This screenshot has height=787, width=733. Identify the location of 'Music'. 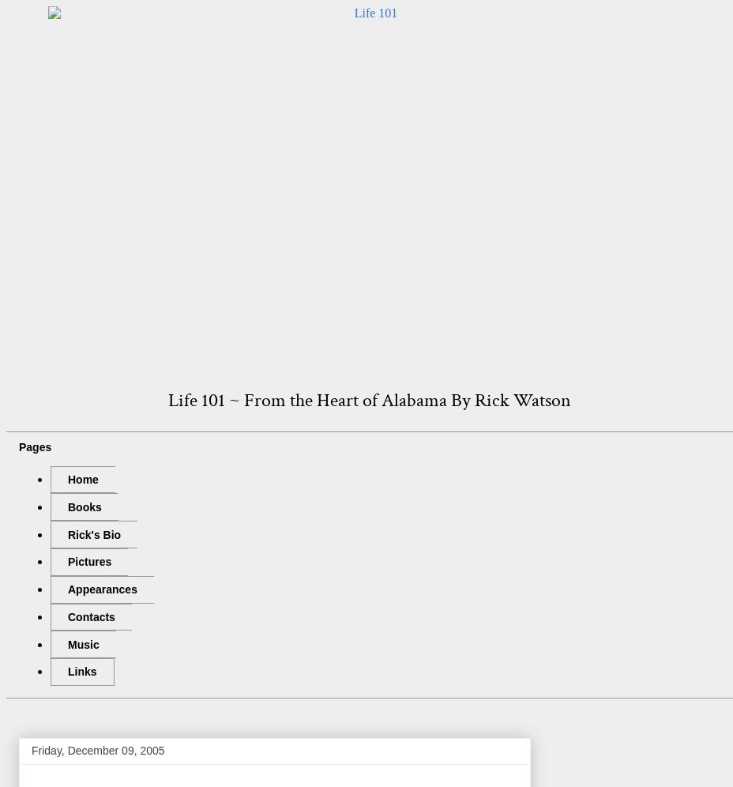
(82, 643).